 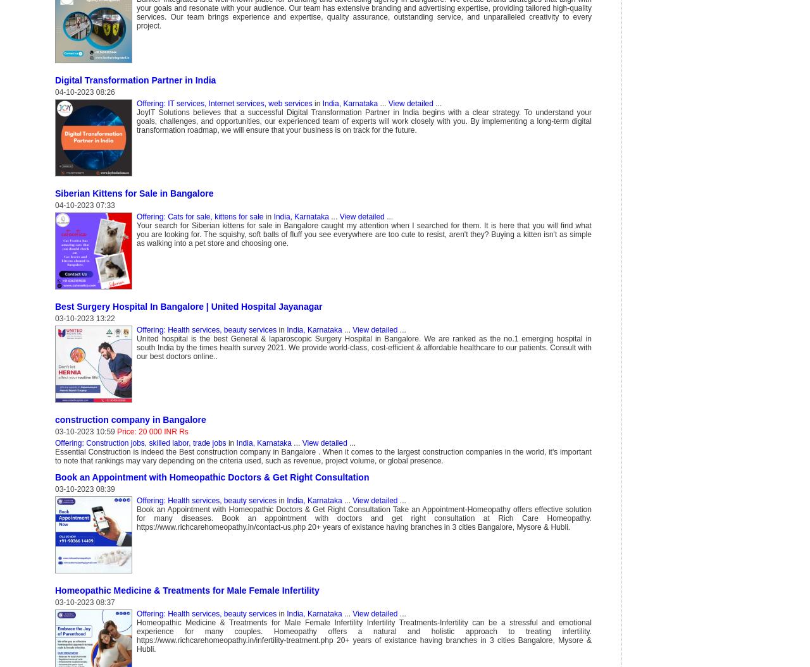 What do you see at coordinates (135, 79) in the screenshot?
I see `'Digital Transformation Partner in India'` at bounding box center [135, 79].